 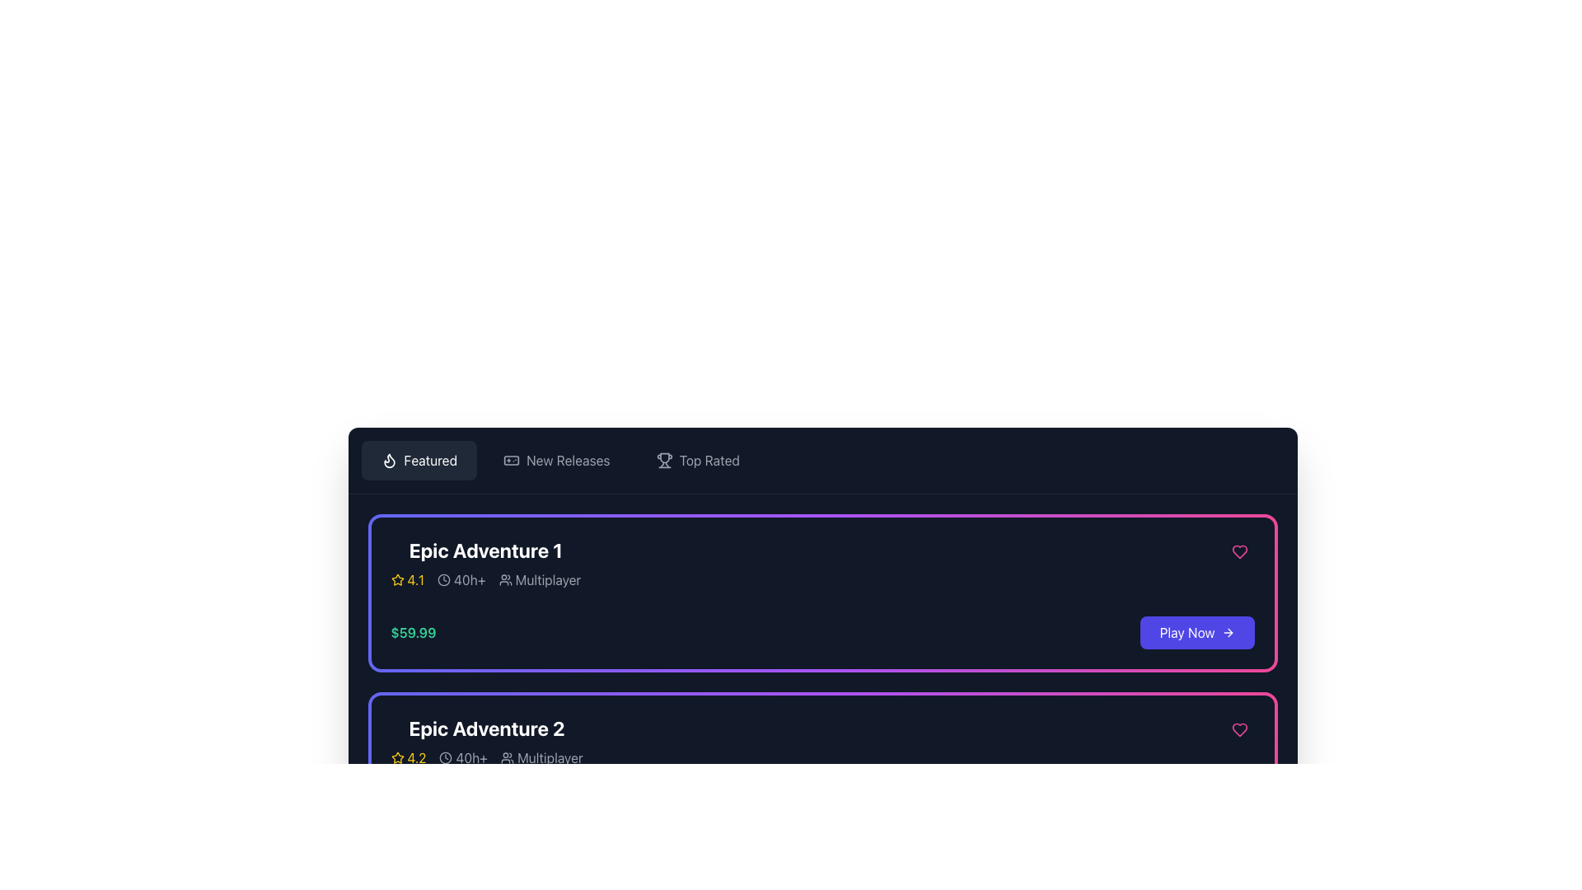 I want to click on the flame icon associated with the 'Featured' button, which is positioned before the text 'Featured' in the top-left section of the application interface, so click(x=388, y=461).